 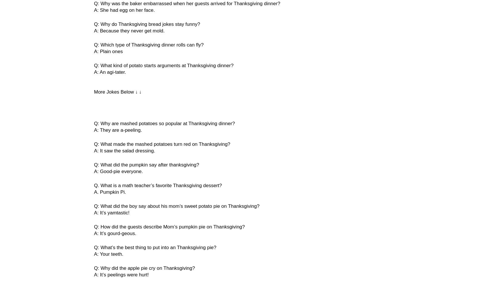 I want to click on 'Q: Why was the baker embarrassed when her guests arrived for Thanksgiving dinner?', so click(x=187, y=3).